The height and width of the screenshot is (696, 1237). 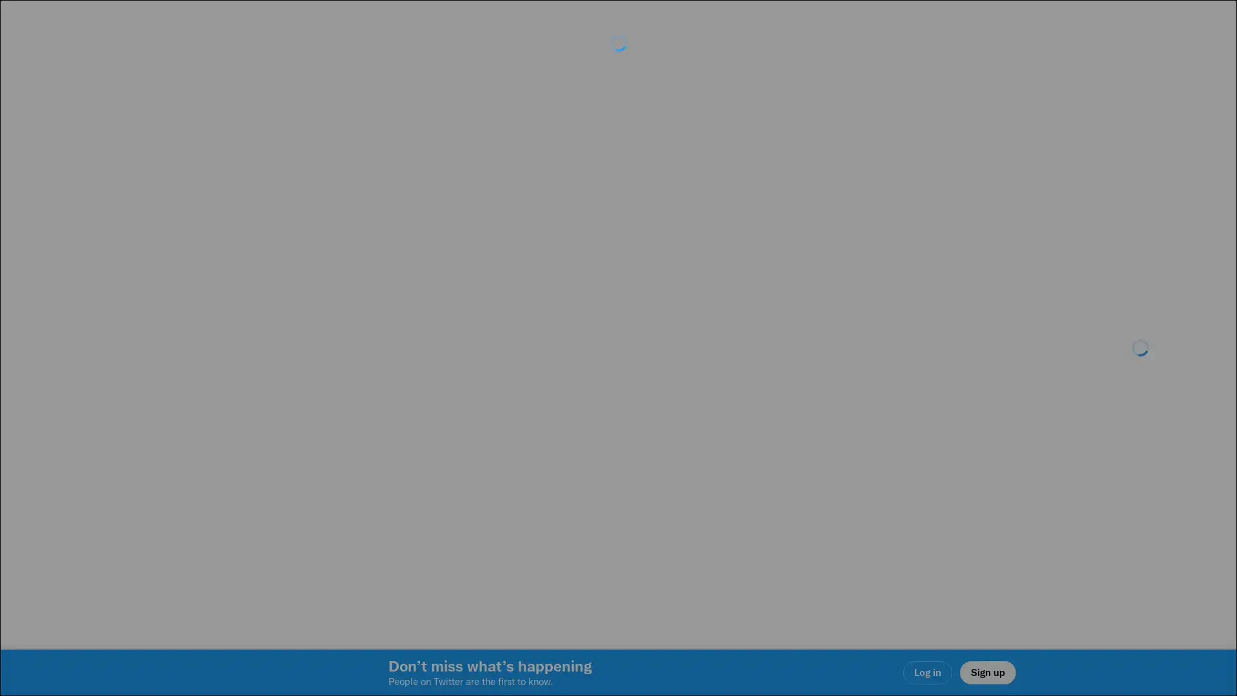 I want to click on Log in, so click(x=773, y=439).